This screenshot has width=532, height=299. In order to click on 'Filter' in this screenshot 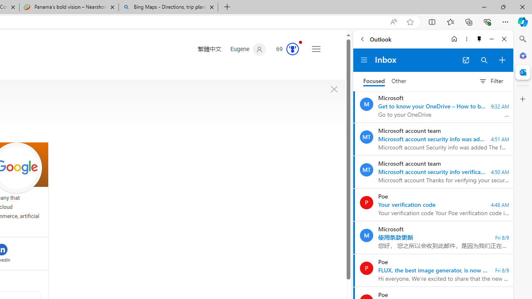, I will do `click(491, 81)`.